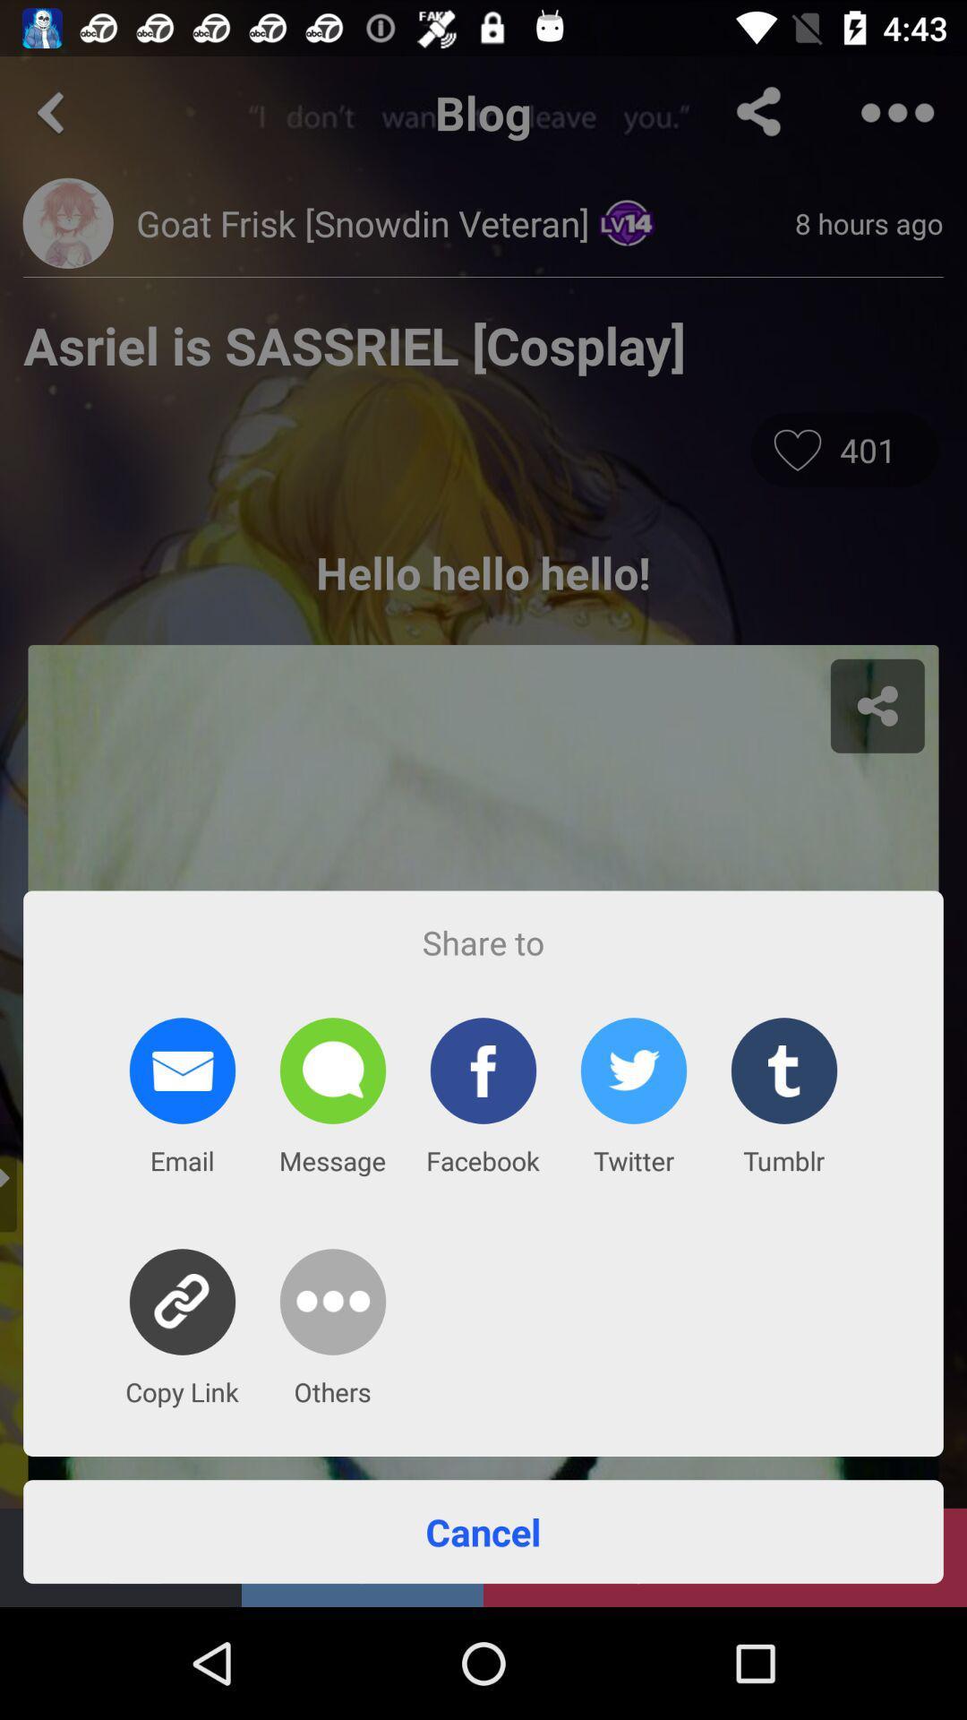 Image resolution: width=967 pixels, height=1720 pixels. I want to click on the item below the copy link app, so click(483, 1530).